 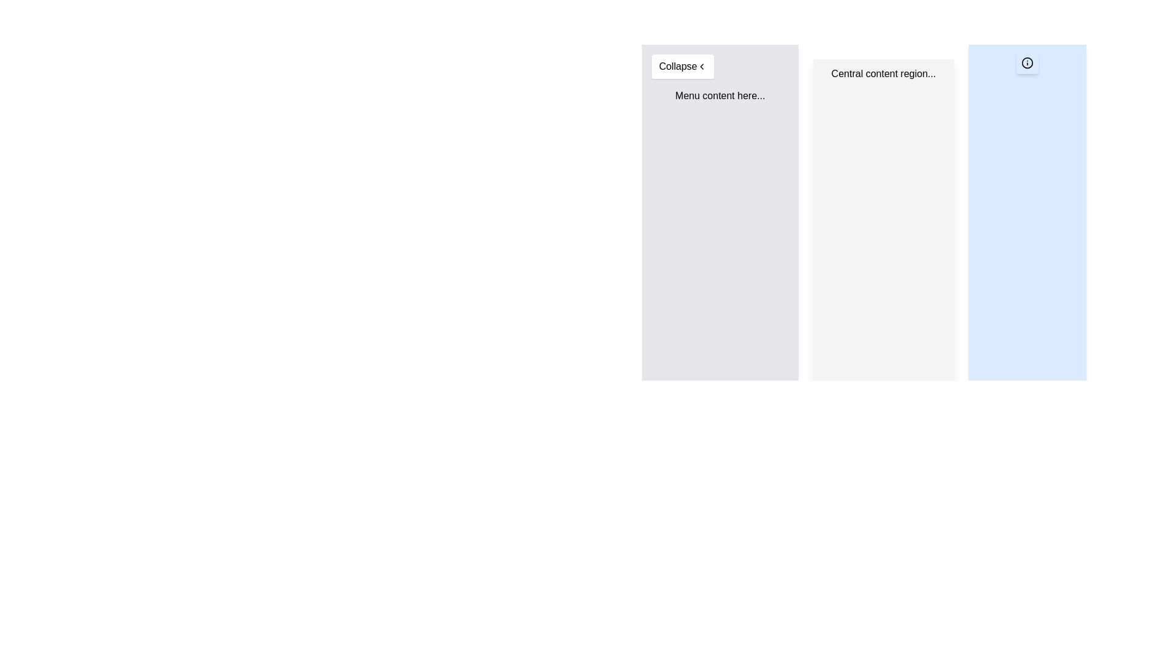 I want to click on the left chevron icon located at the far right side of the 'Collapse' button, so click(x=702, y=66).